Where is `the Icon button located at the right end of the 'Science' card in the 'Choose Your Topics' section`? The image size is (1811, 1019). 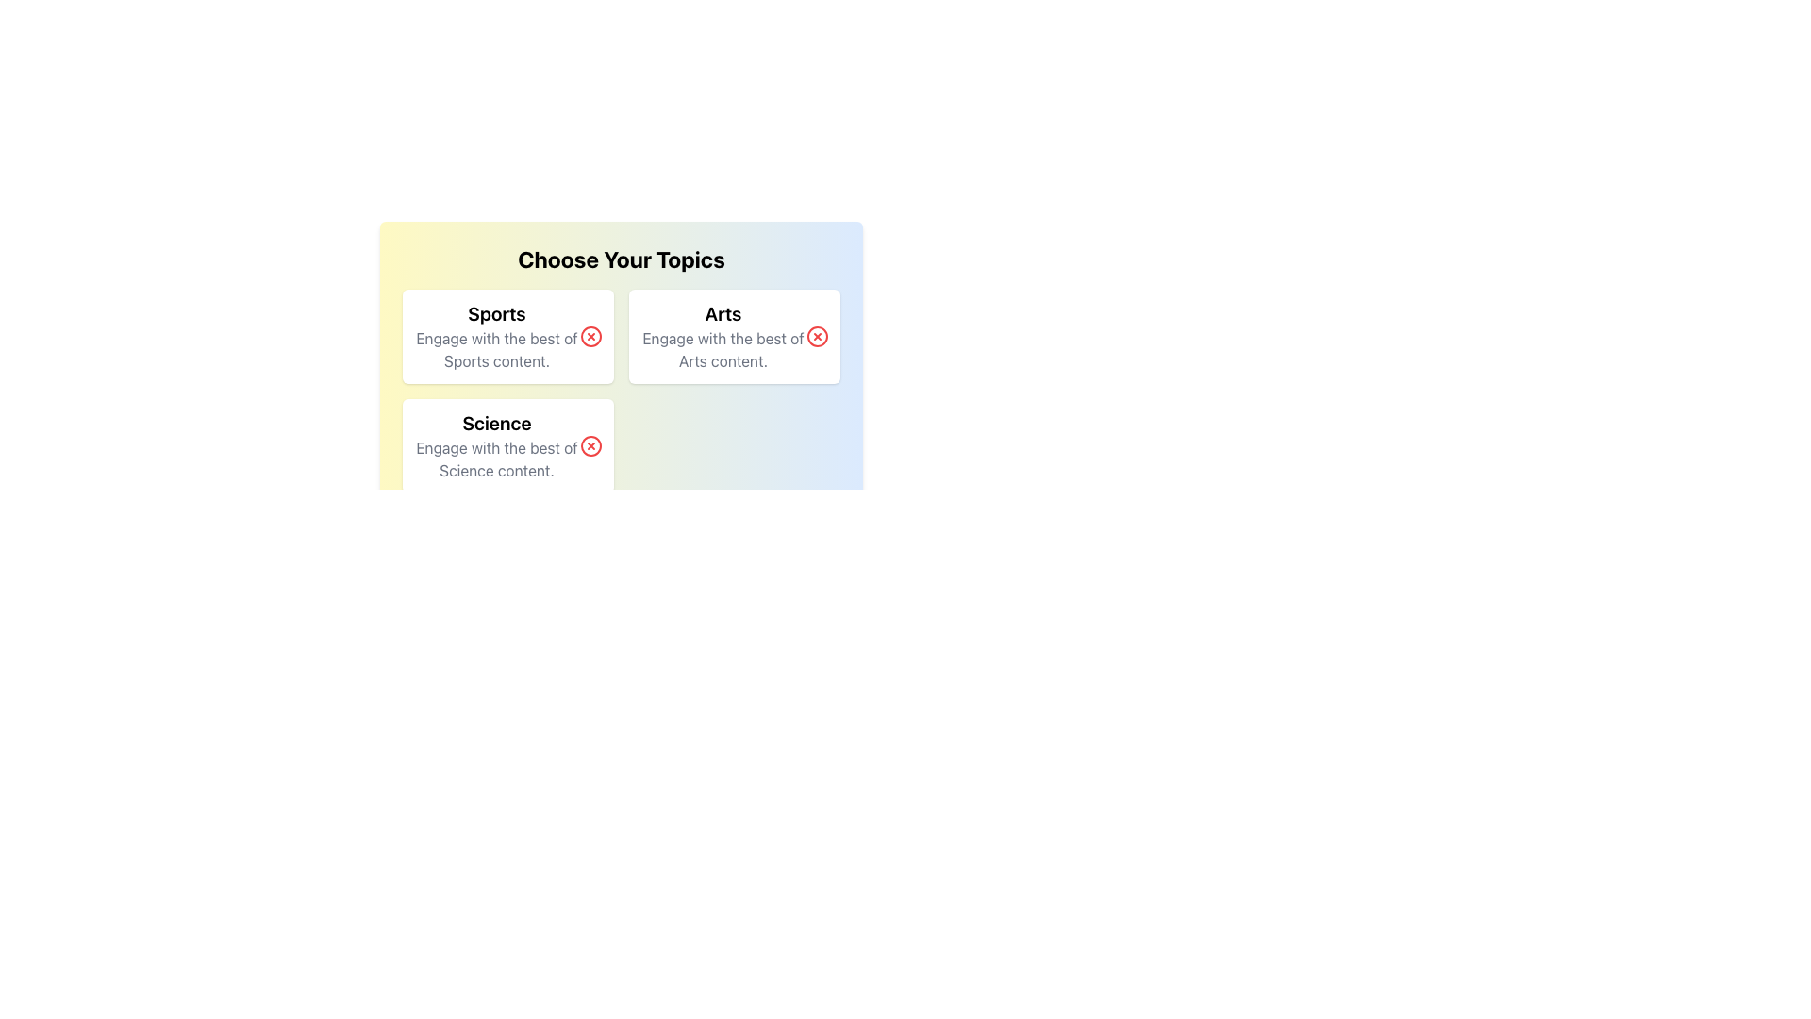 the Icon button located at the right end of the 'Science' card in the 'Choose Your Topics' section is located at coordinates (590, 446).